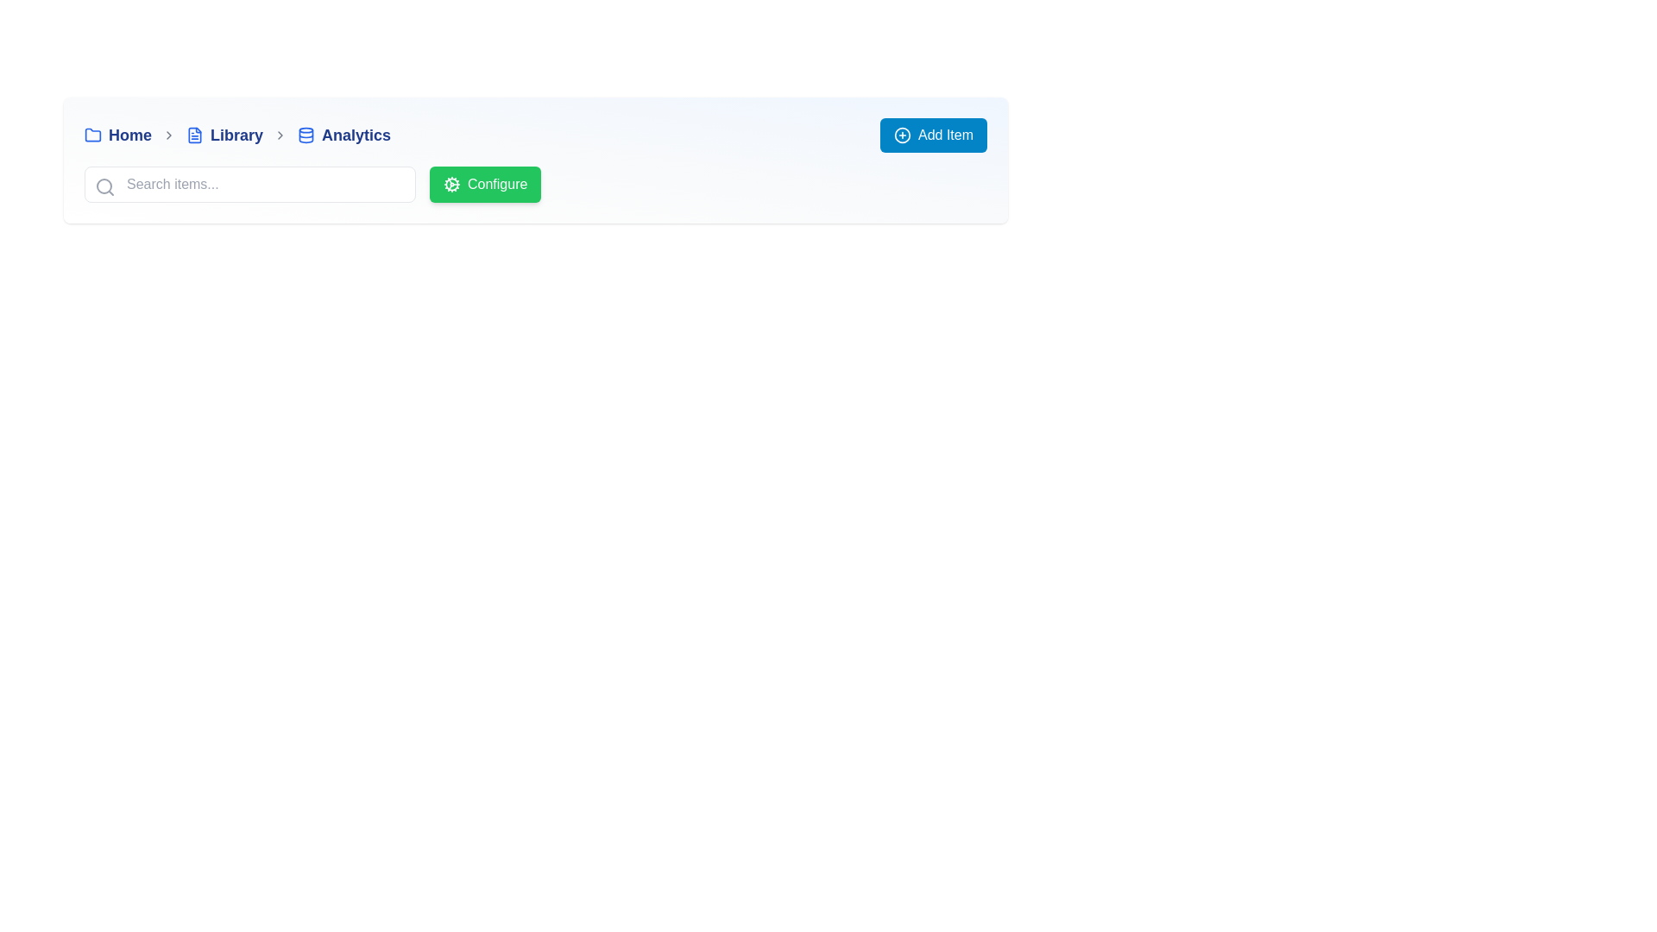  Describe the element at coordinates (451, 184) in the screenshot. I see `the decorative circle part of the cogwheel icon located near the center of the icon area in the top-center section of the interface` at that location.